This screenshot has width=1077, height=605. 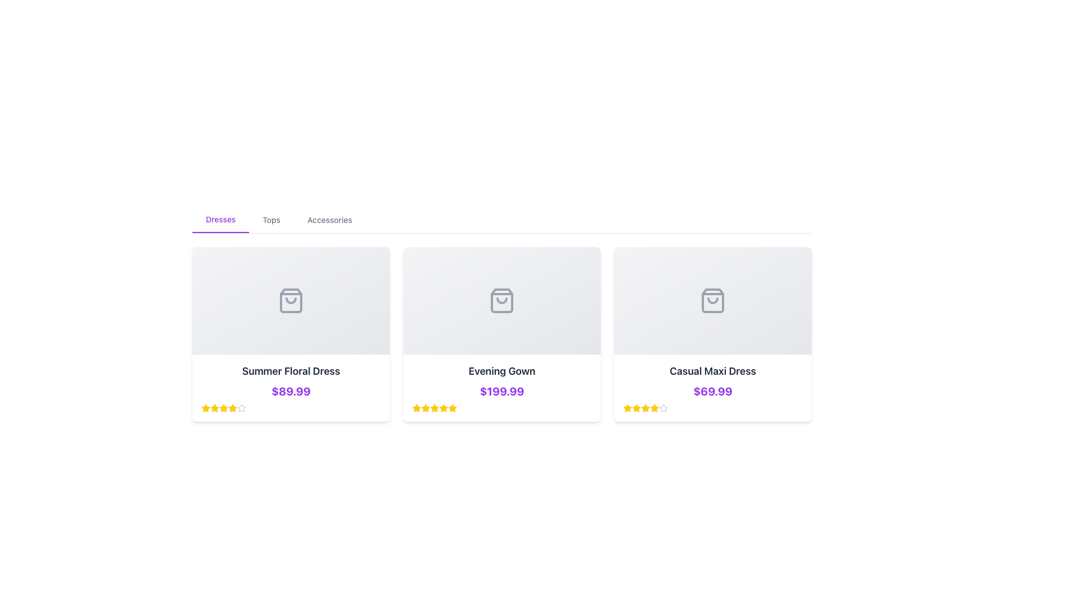 What do you see at coordinates (636, 408) in the screenshot?
I see `the second star icon in the five-star rating system located under the '$69.99' text for the 'Casual Maxi Dress'` at bounding box center [636, 408].